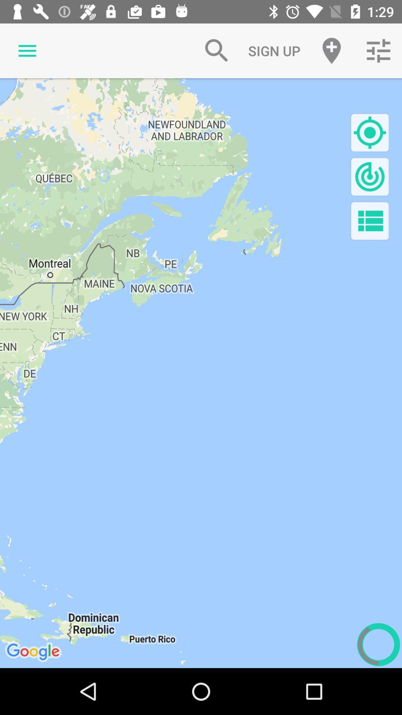  What do you see at coordinates (370, 133) in the screenshot?
I see `locate` at bounding box center [370, 133].